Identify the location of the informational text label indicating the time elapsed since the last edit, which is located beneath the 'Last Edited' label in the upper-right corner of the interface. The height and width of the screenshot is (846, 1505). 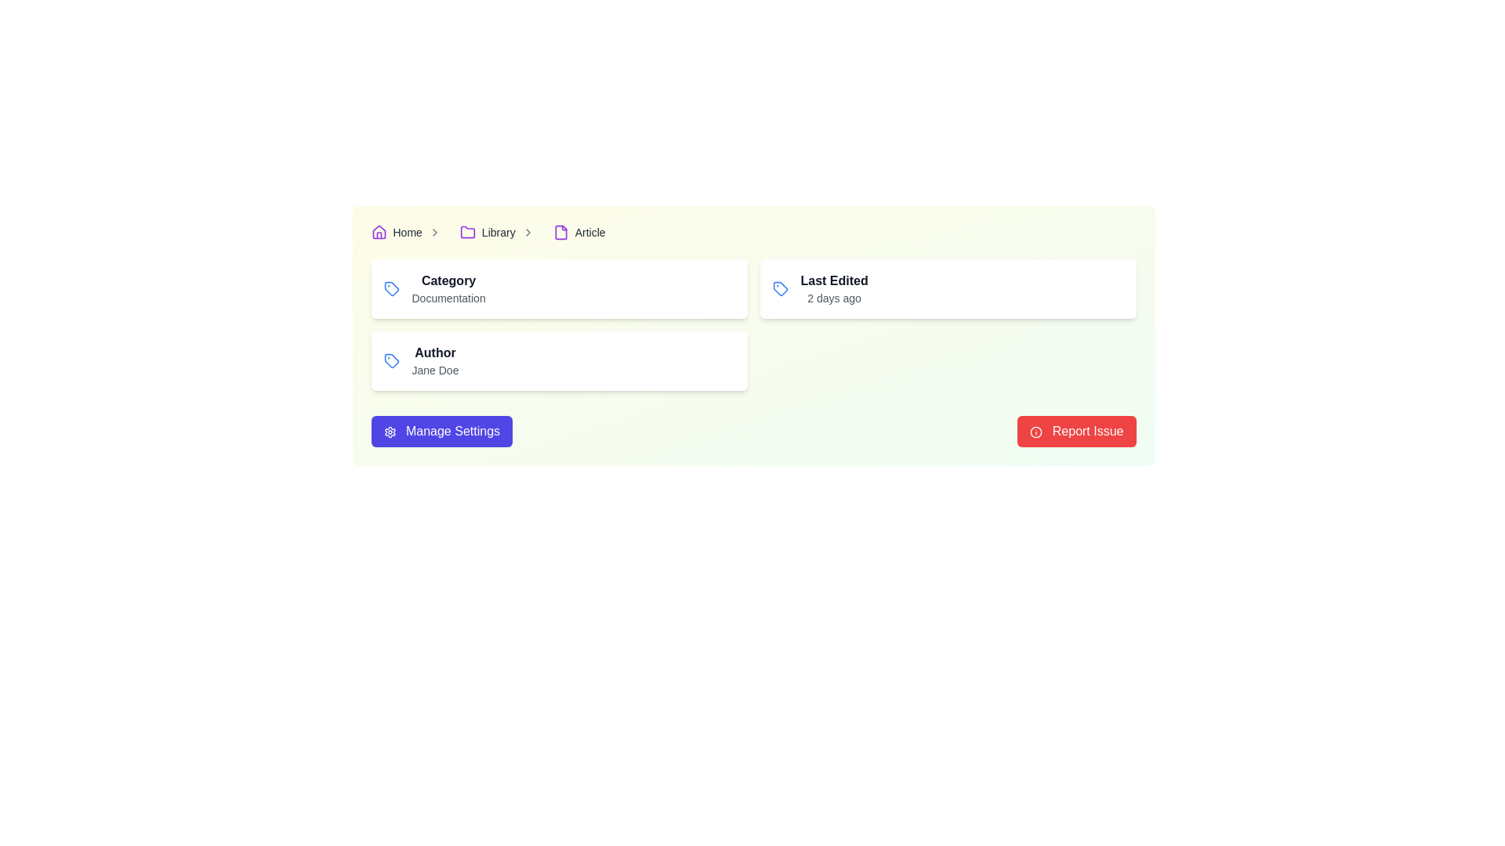
(833, 298).